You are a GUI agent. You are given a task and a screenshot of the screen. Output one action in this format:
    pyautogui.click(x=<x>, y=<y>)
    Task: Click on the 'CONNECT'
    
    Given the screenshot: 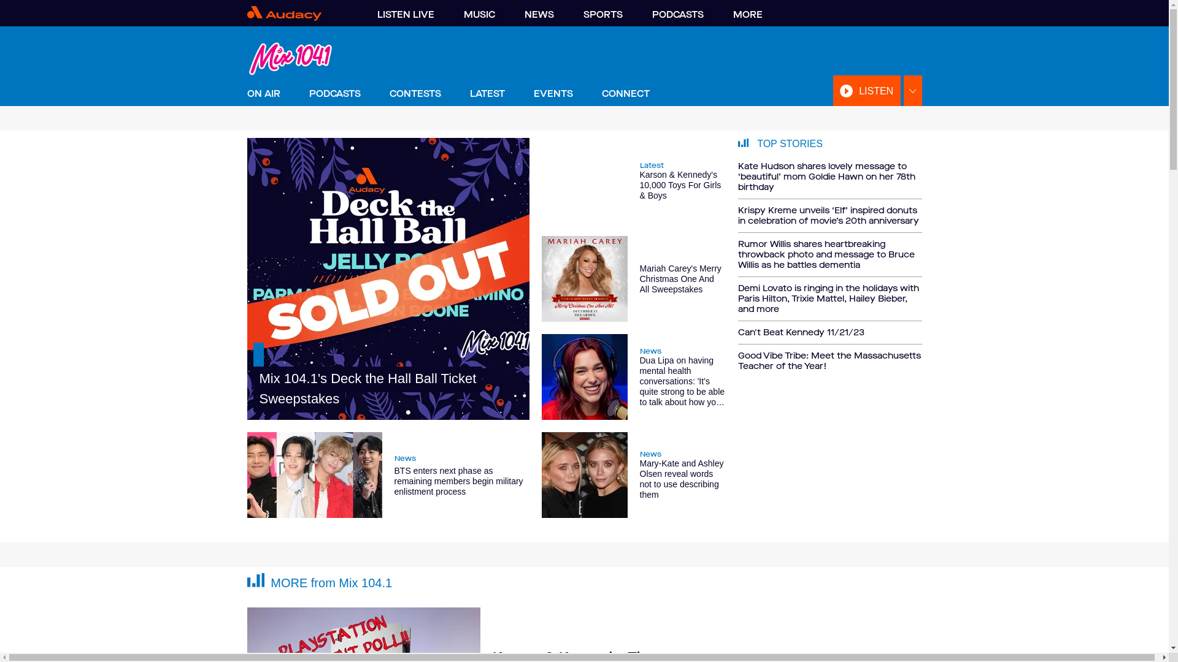 What is the action you would take?
    pyautogui.click(x=625, y=93)
    